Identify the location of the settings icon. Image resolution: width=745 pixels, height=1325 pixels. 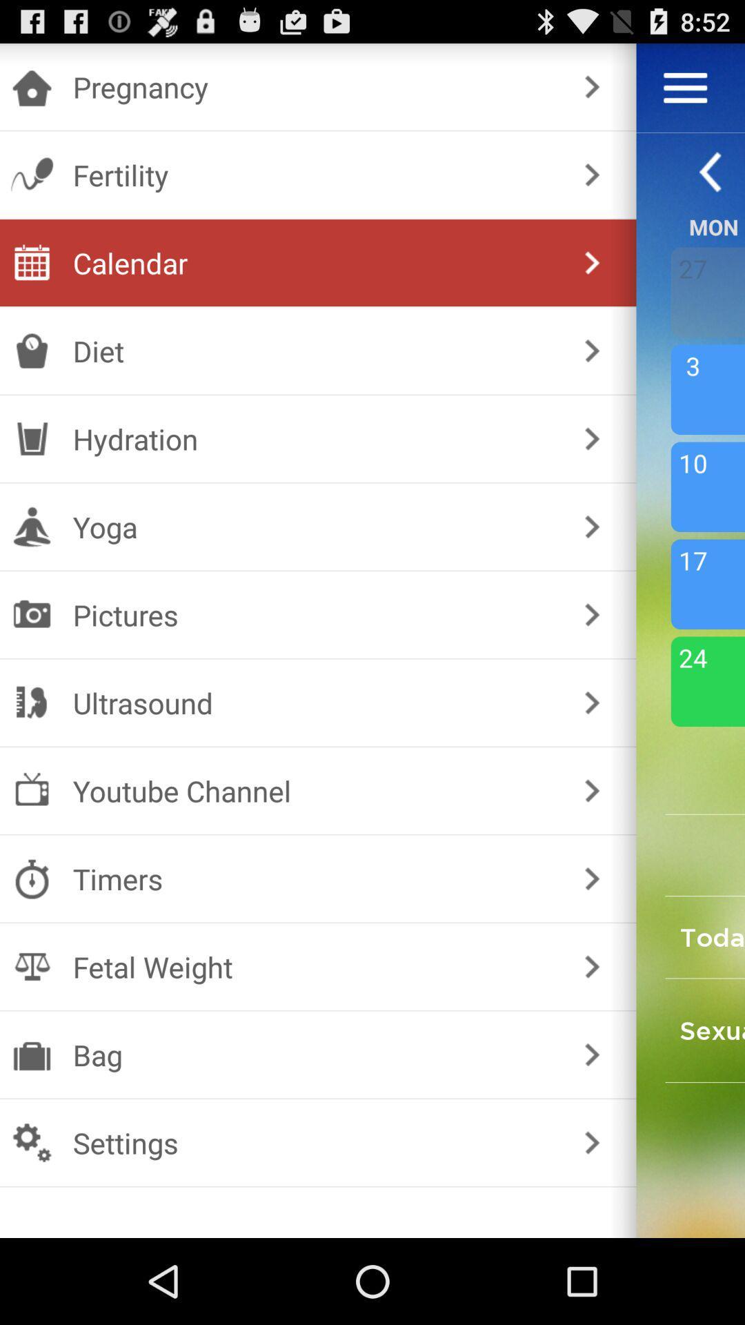
(315, 1143).